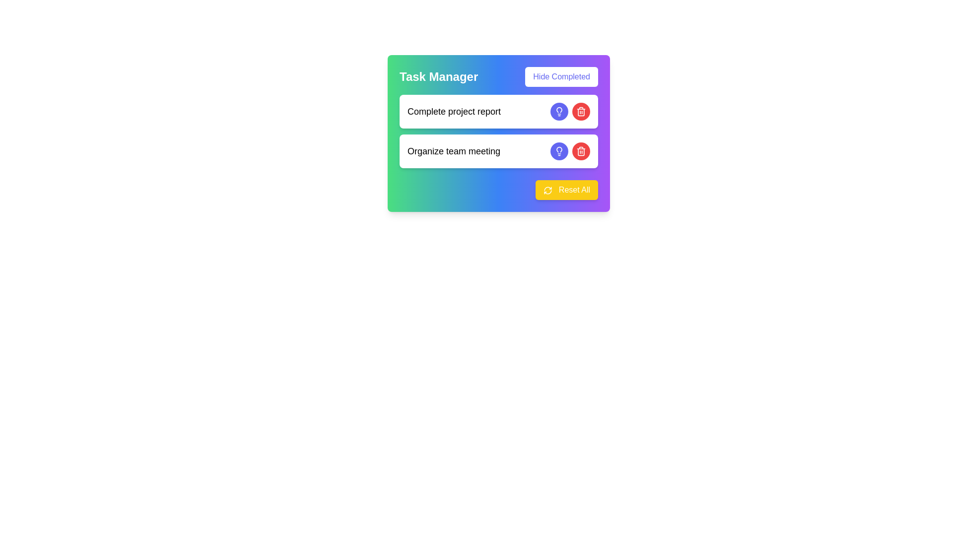 This screenshot has height=536, width=953. I want to click on the toggle button for completed tasks in the task manager interface, so click(561, 76).